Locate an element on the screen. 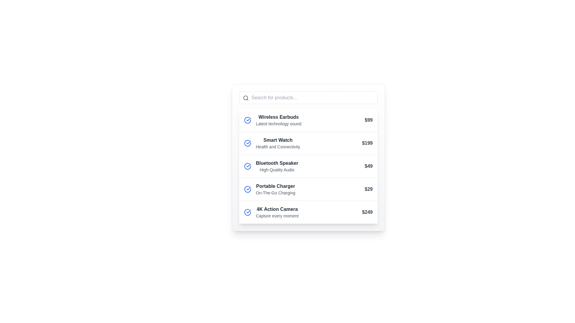  the search input field located at the top of the card-like component to change its appearance is located at coordinates (308, 97).